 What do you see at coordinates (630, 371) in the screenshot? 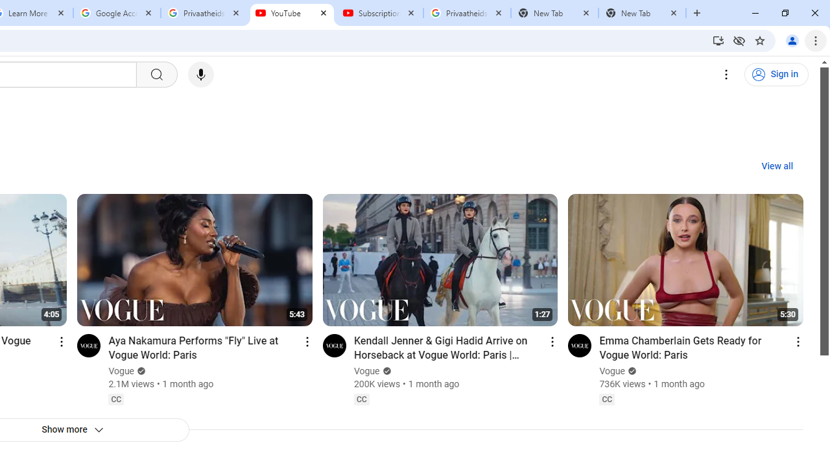
I see `'Verified'` at bounding box center [630, 371].